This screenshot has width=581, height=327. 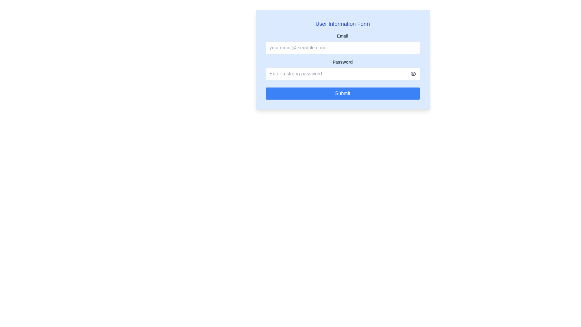 What do you see at coordinates (343, 36) in the screenshot?
I see `the label indicating the email input field in the 'User Information Form' to provide context for the user` at bounding box center [343, 36].